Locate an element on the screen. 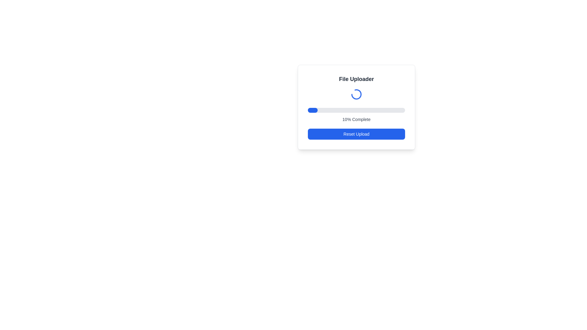  the progress bar located within the 'File Uploader' panel, situated below the circular loading animation and above the '0% Complete' text label is located at coordinates (356, 110).